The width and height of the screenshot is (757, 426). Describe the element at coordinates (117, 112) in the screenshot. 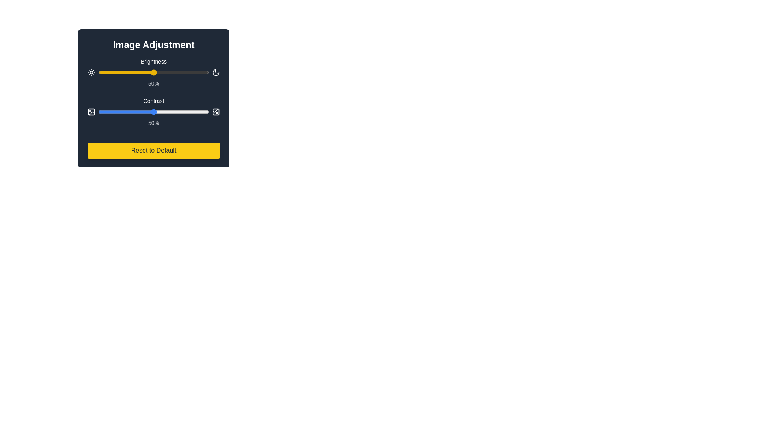

I see `the contrast level` at that location.